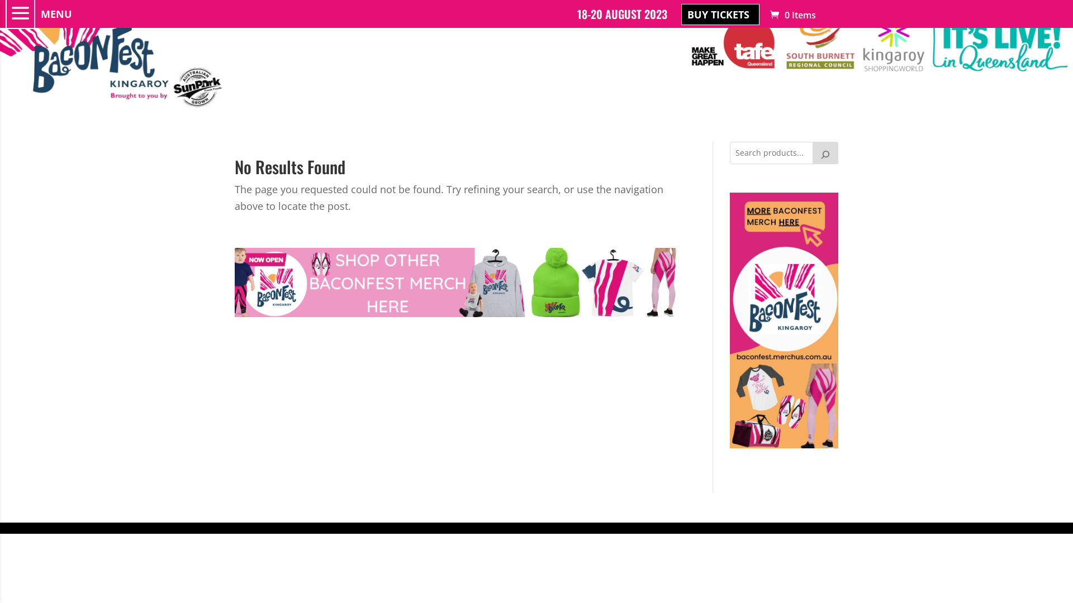 This screenshot has width=1073, height=603. Describe the element at coordinates (112, 56) in the screenshot. I see `'BaconFest_Horizontal Backgrd-01-at-2018-08-08'` at that location.